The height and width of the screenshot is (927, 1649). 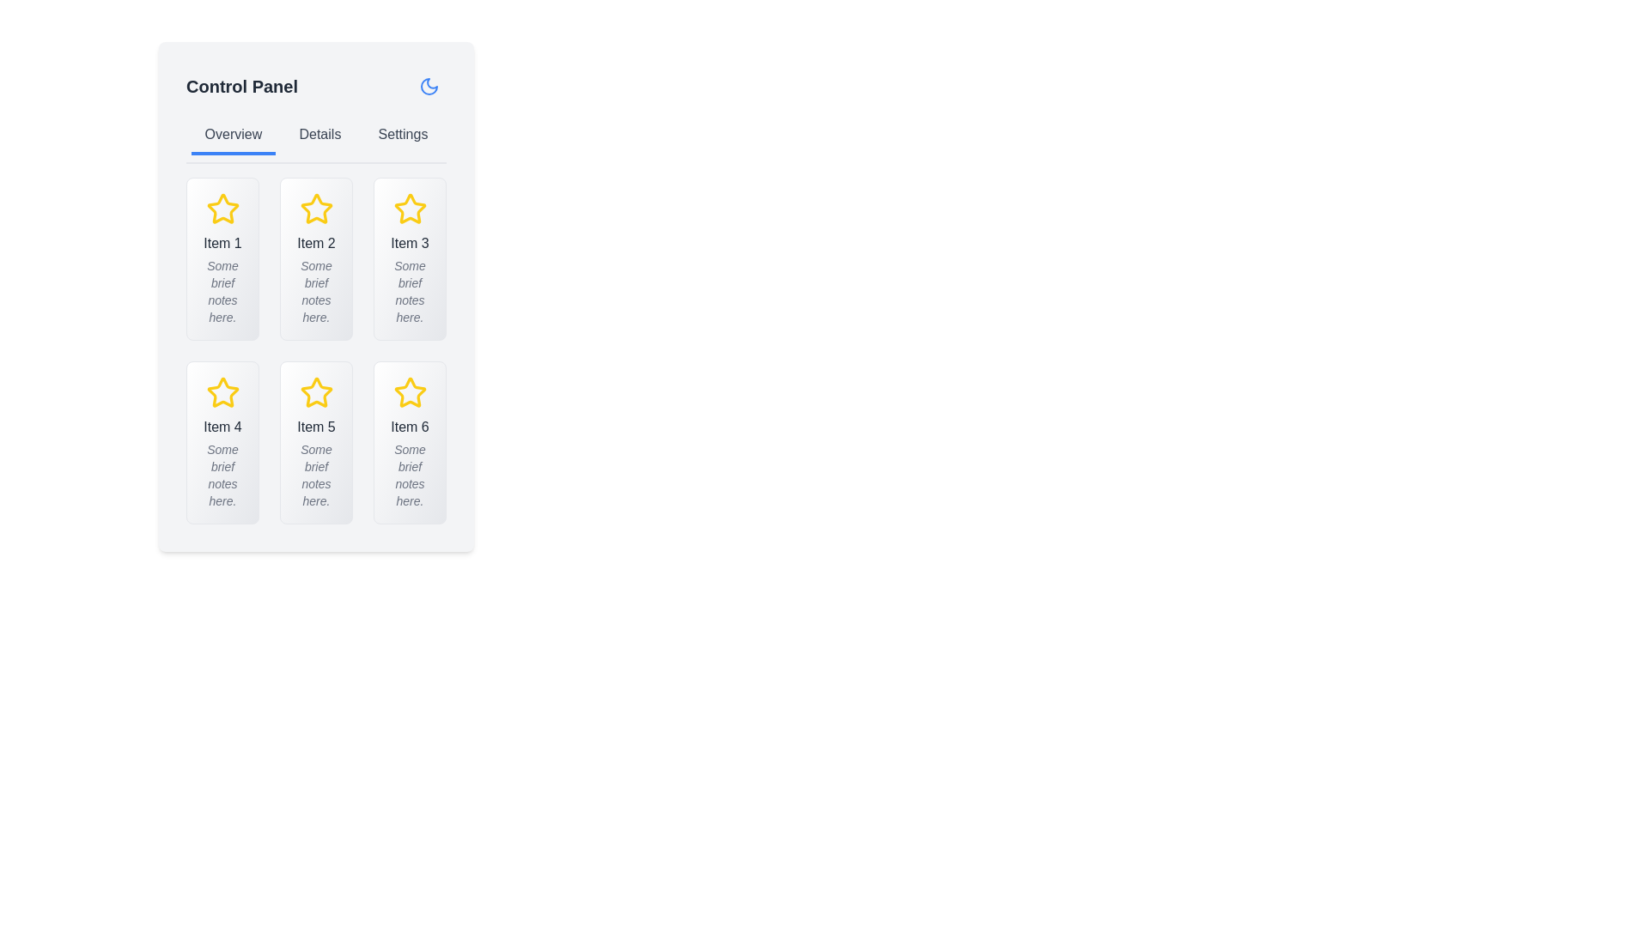 What do you see at coordinates (409, 426) in the screenshot?
I see `the text label that identifies the sixth card in the bottom-right corner of the card grid layout` at bounding box center [409, 426].